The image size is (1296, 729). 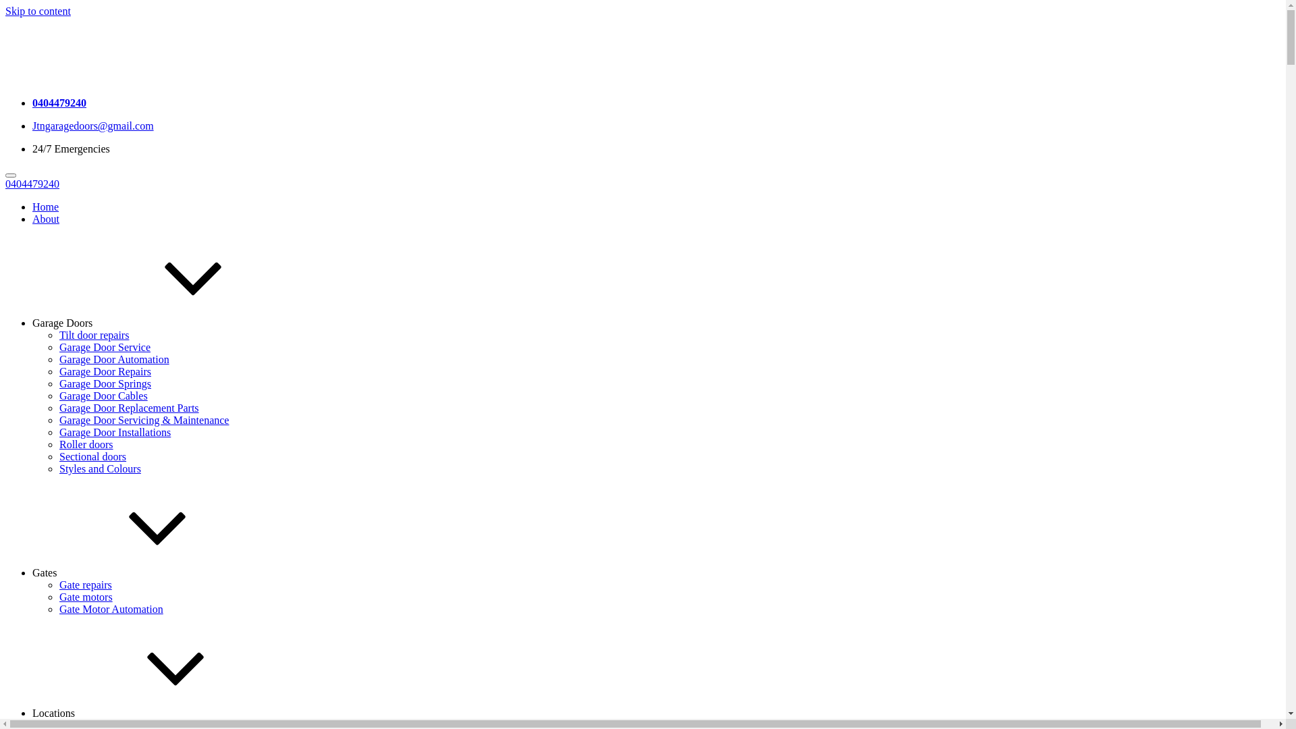 What do you see at coordinates (86, 444) in the screenshot?
I see `'Roller doors'` at bounding box center [86, 444].